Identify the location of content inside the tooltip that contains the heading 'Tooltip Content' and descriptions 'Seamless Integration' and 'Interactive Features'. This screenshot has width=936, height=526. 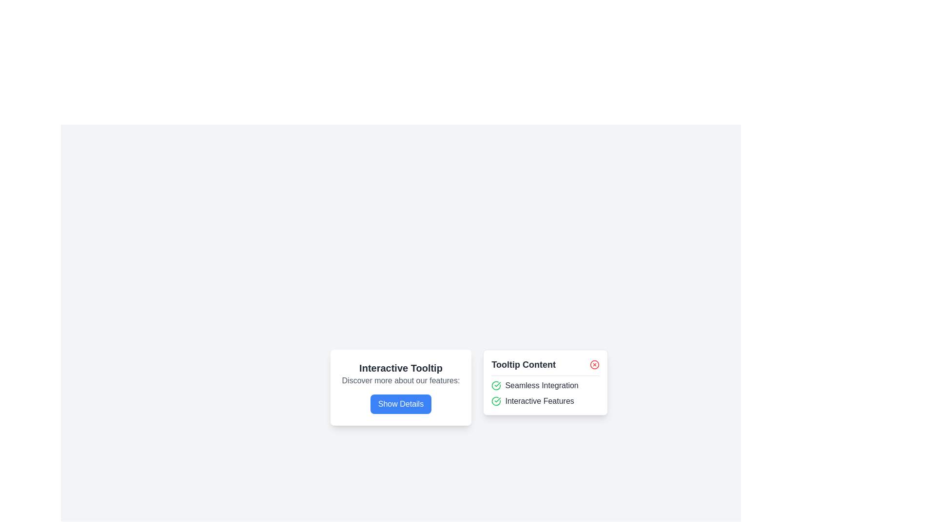
(545, 382).